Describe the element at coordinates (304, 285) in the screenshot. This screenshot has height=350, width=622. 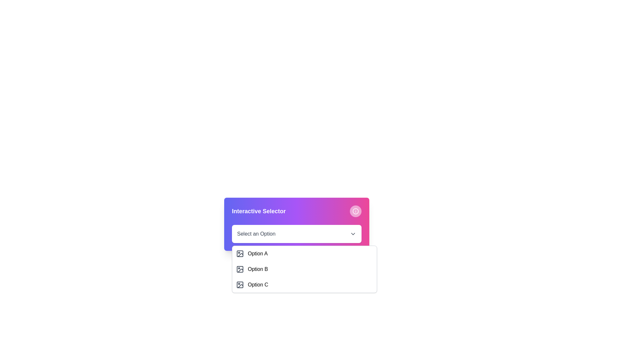
I see `the third item in the 'Interactive Selector' dropdown menu` at that location.